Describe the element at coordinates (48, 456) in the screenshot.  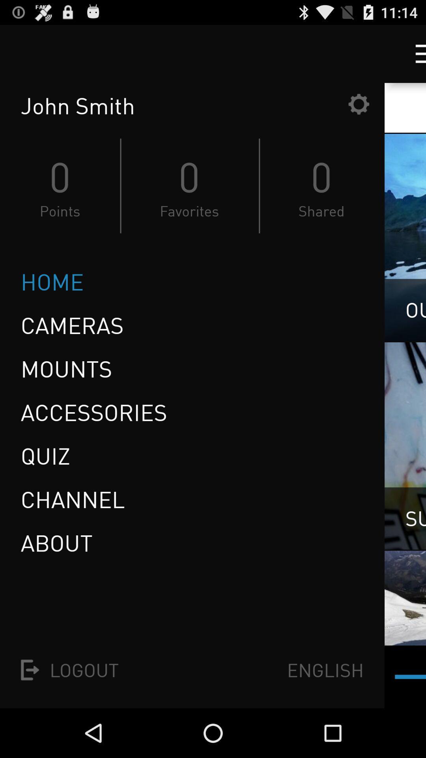
I see `icon above the channel item` at that location.